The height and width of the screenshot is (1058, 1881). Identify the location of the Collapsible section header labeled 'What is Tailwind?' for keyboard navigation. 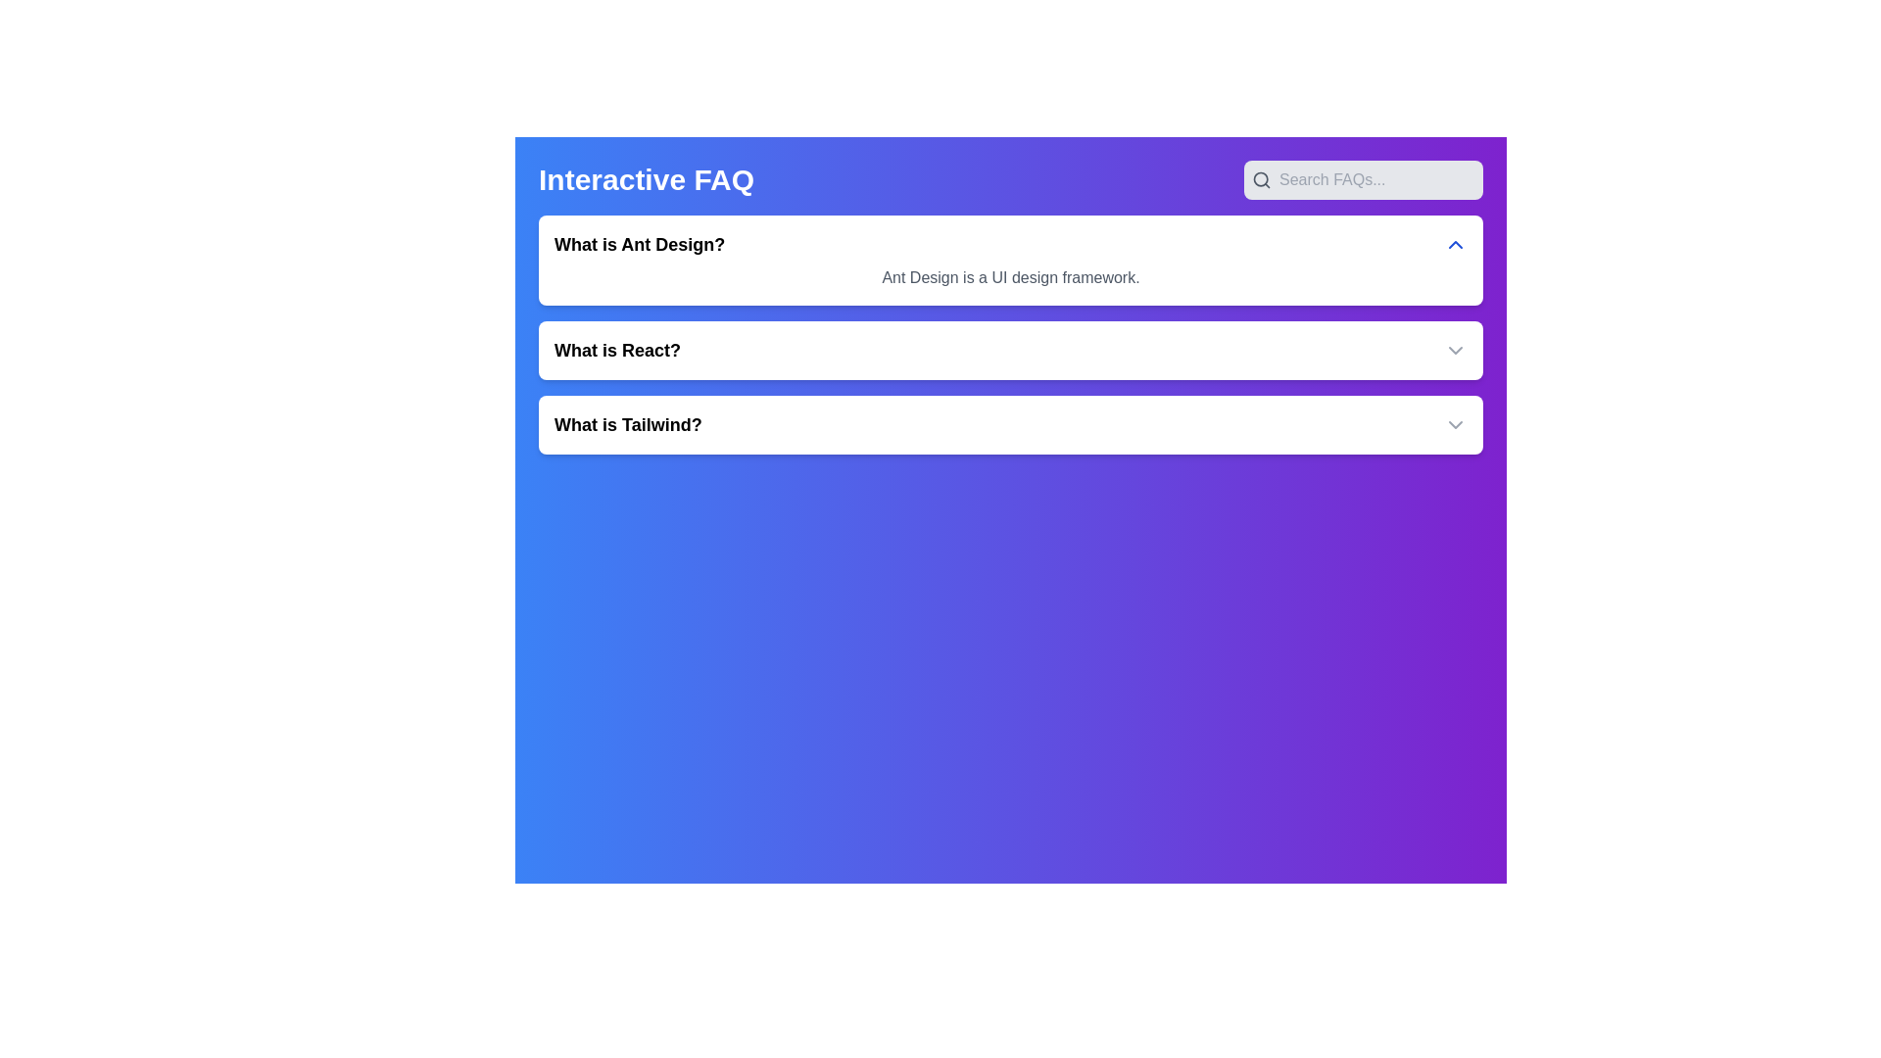
(1011, 424).